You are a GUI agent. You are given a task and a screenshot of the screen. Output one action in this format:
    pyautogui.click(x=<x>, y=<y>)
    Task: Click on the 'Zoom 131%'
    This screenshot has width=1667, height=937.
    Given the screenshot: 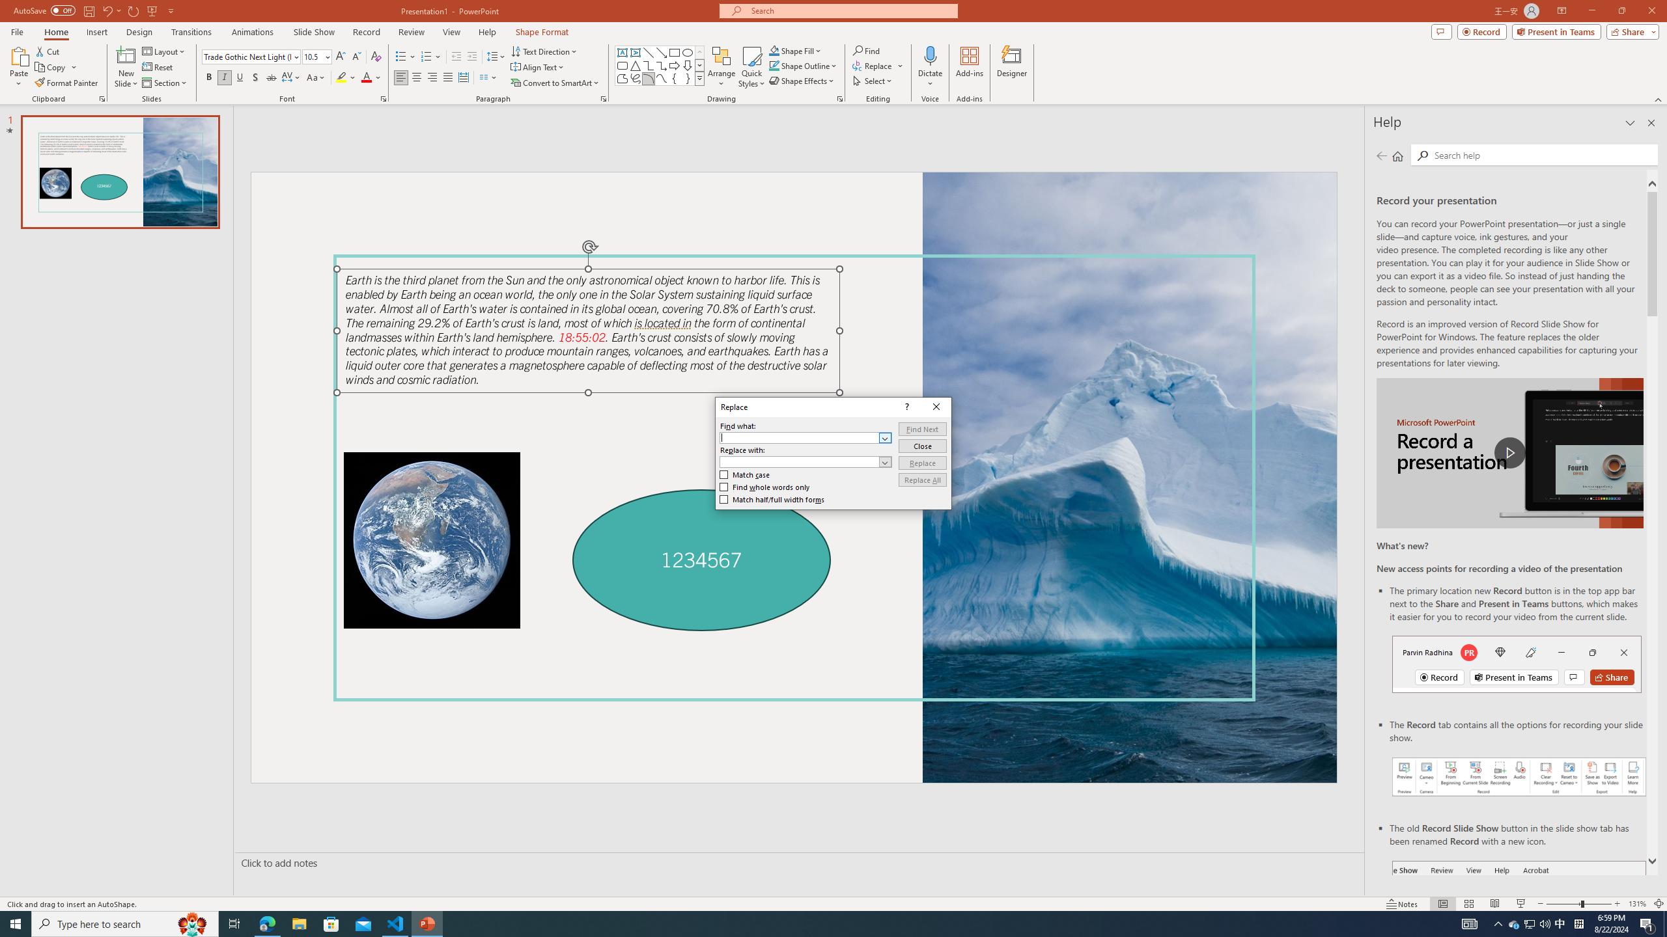 What is the action you would take?
    pyautogui.click(x=1638, y=904)
    